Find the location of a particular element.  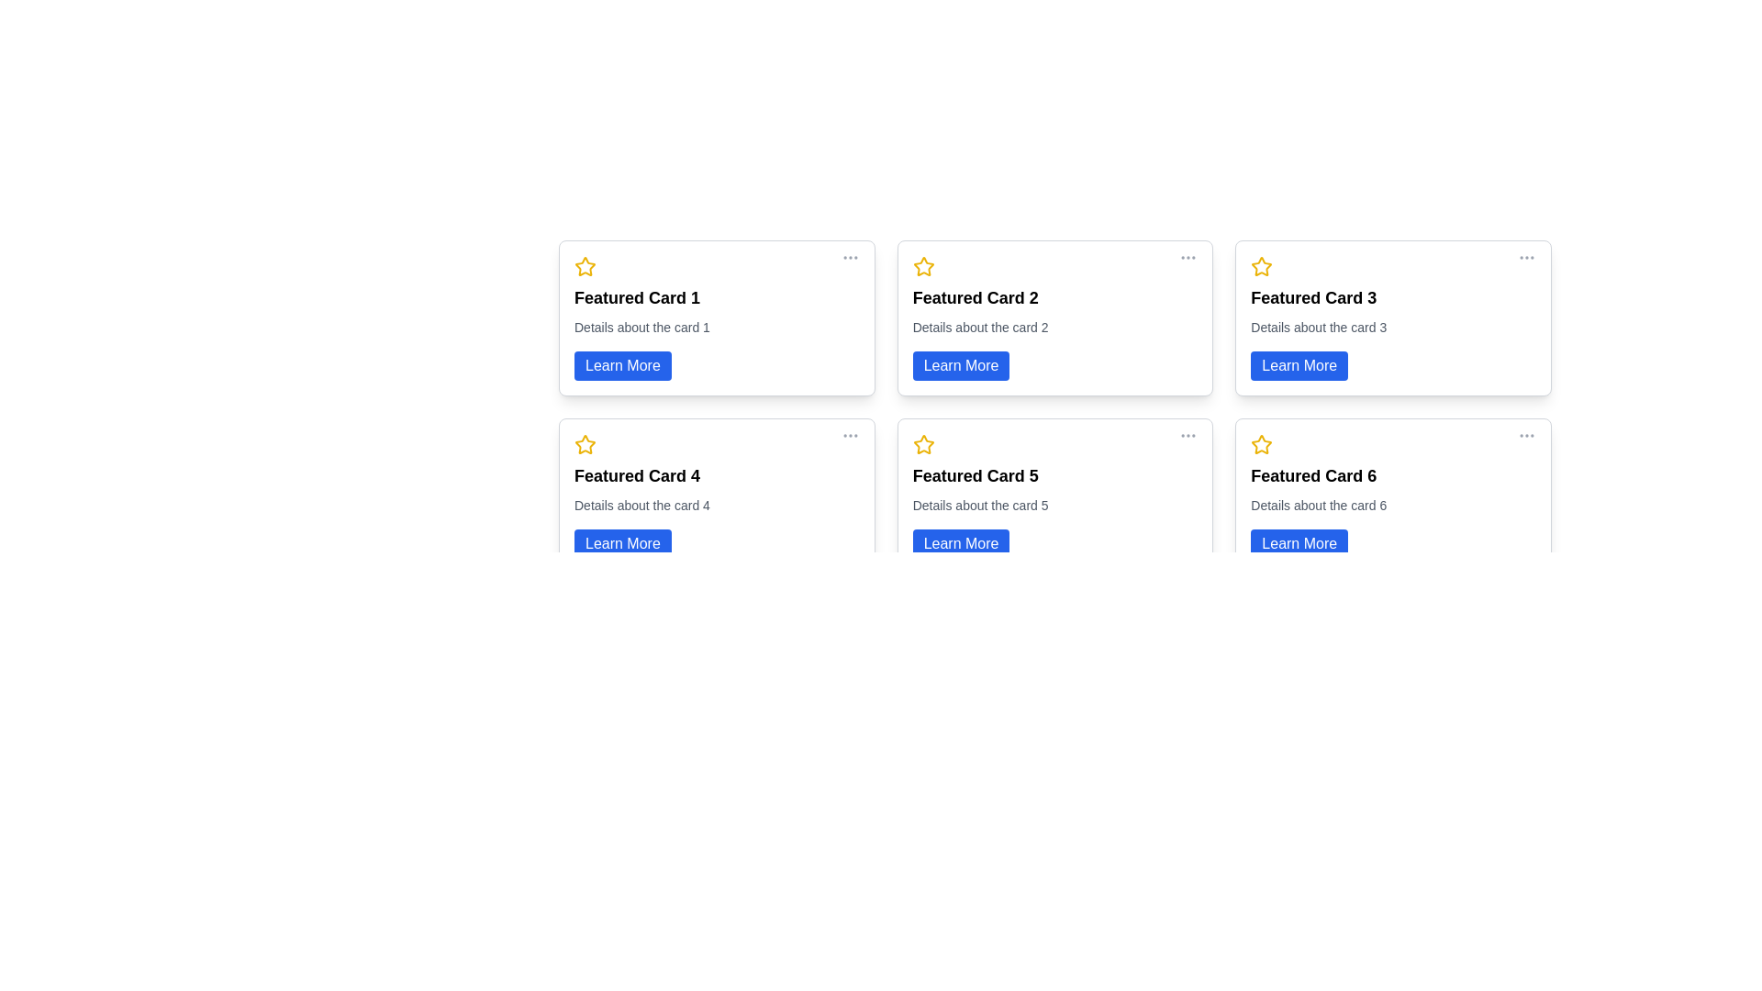

text located in the fourth card of a grid, positioned beneath 'Featured Card 4' and above the 'Learn More' button is located at coordinates (642, 506).